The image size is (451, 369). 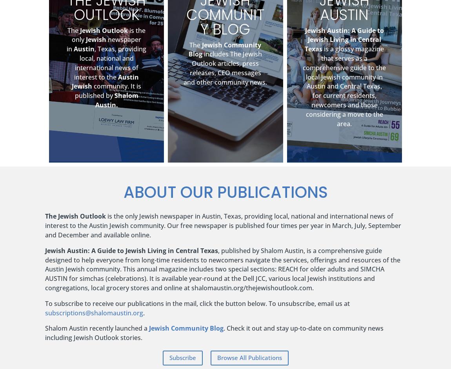 What do you see at coordinates (214, 333) in the screenshot?
I see `'s including'` at bounding box center [214, 333].